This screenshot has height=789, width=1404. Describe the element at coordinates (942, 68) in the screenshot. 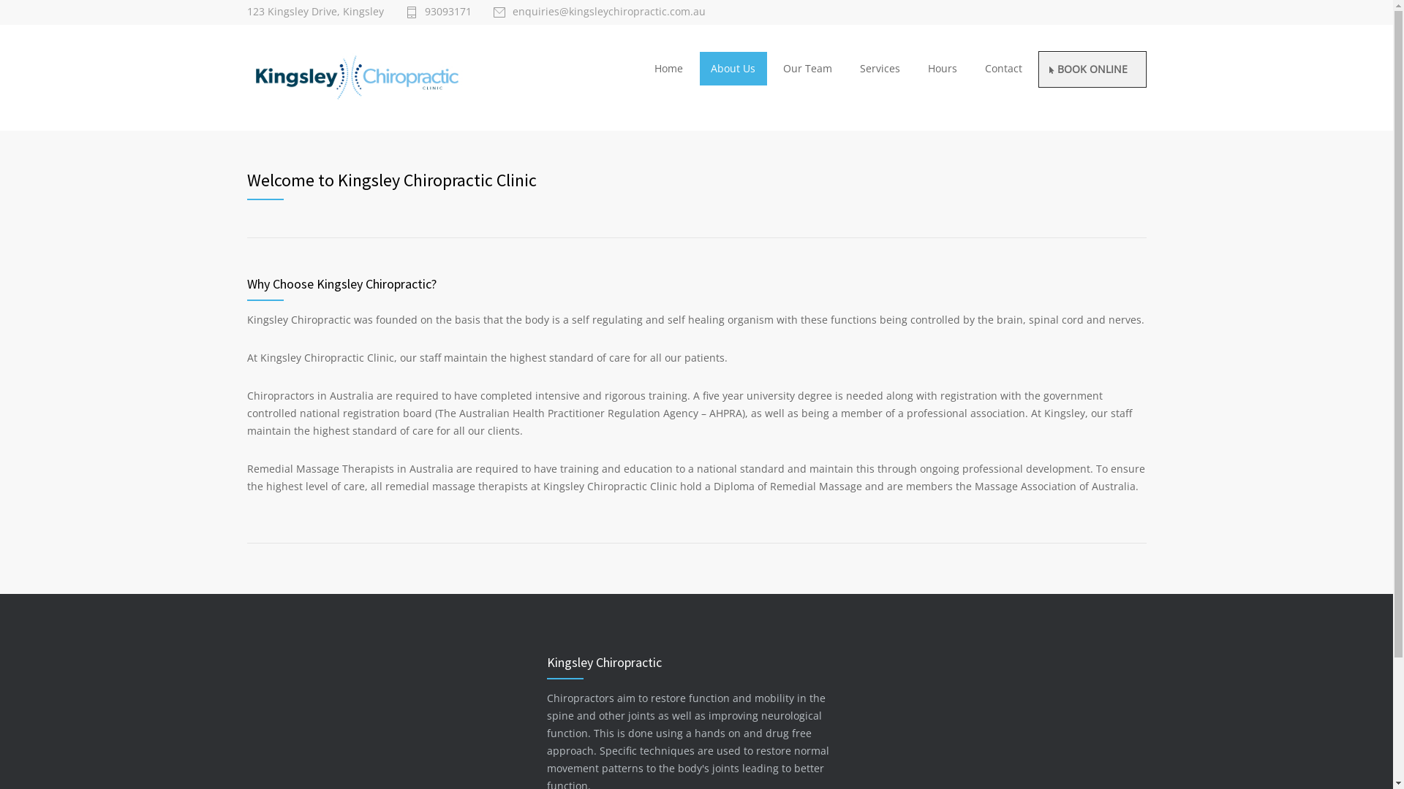

I see `'Hours'` at that location.